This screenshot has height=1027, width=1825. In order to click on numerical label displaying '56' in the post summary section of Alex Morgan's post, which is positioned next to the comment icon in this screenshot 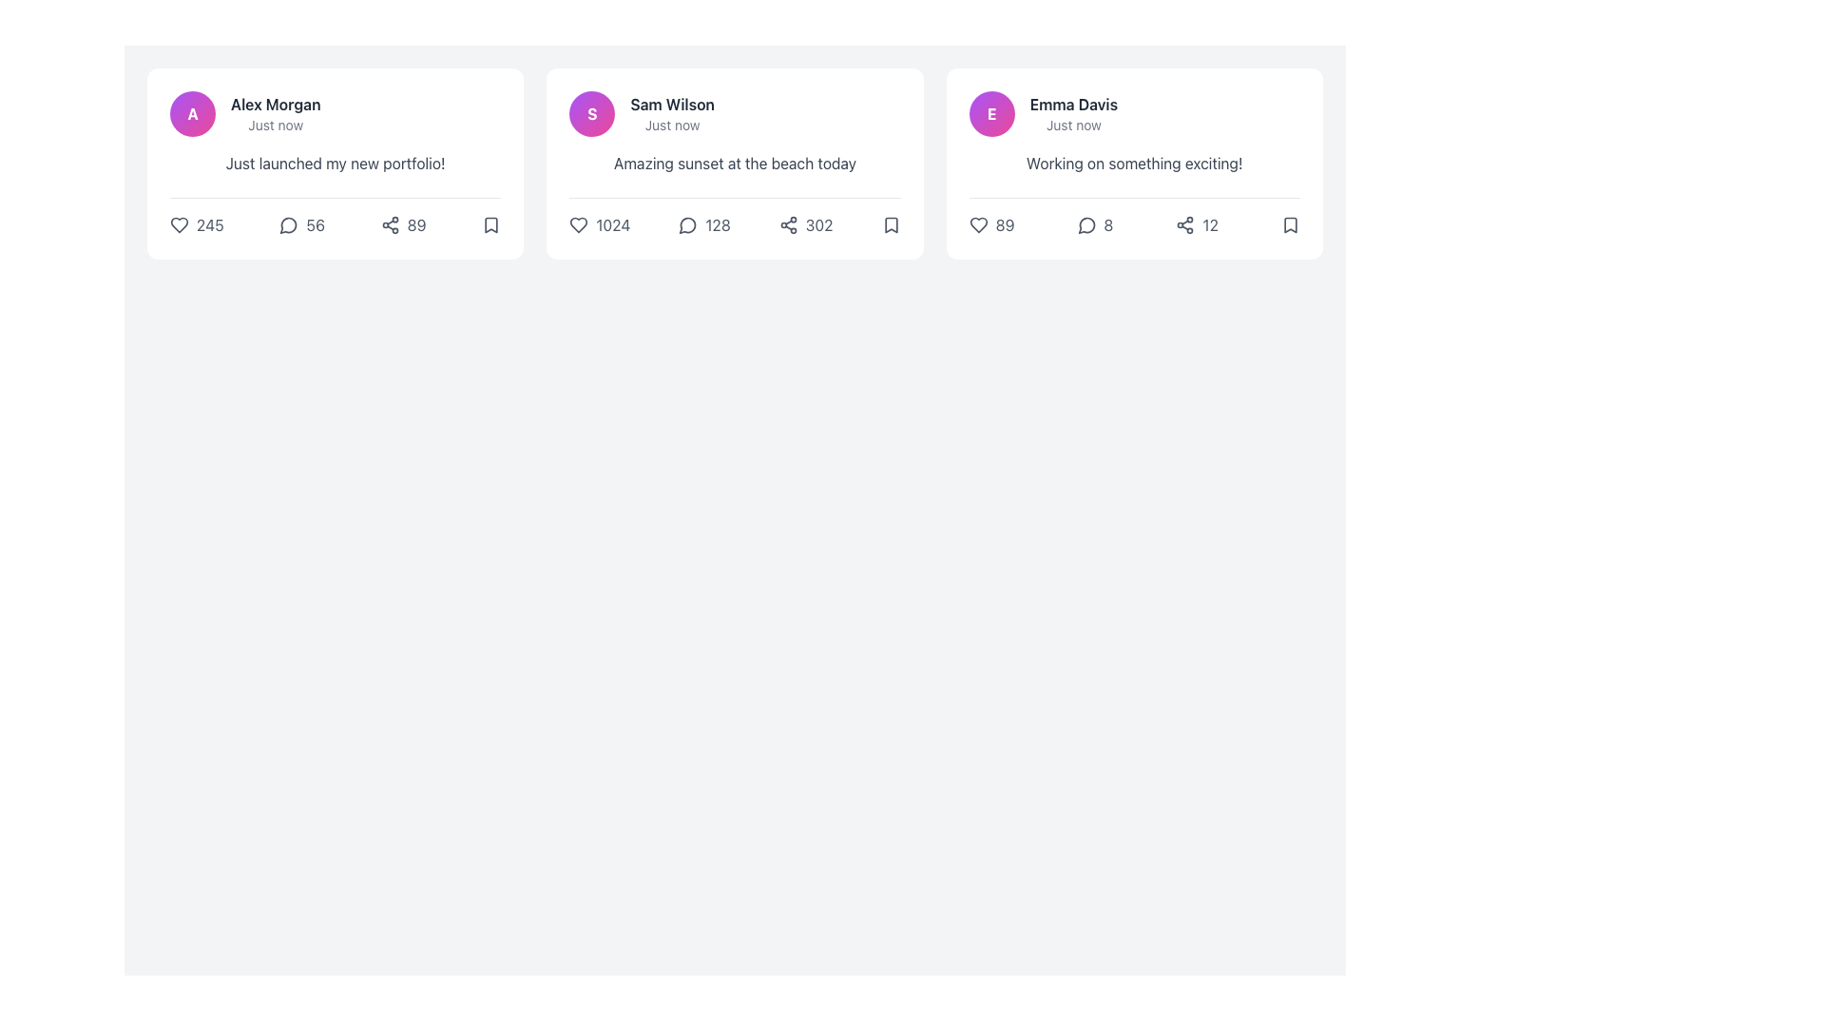, I will do `click(316, 223)`.